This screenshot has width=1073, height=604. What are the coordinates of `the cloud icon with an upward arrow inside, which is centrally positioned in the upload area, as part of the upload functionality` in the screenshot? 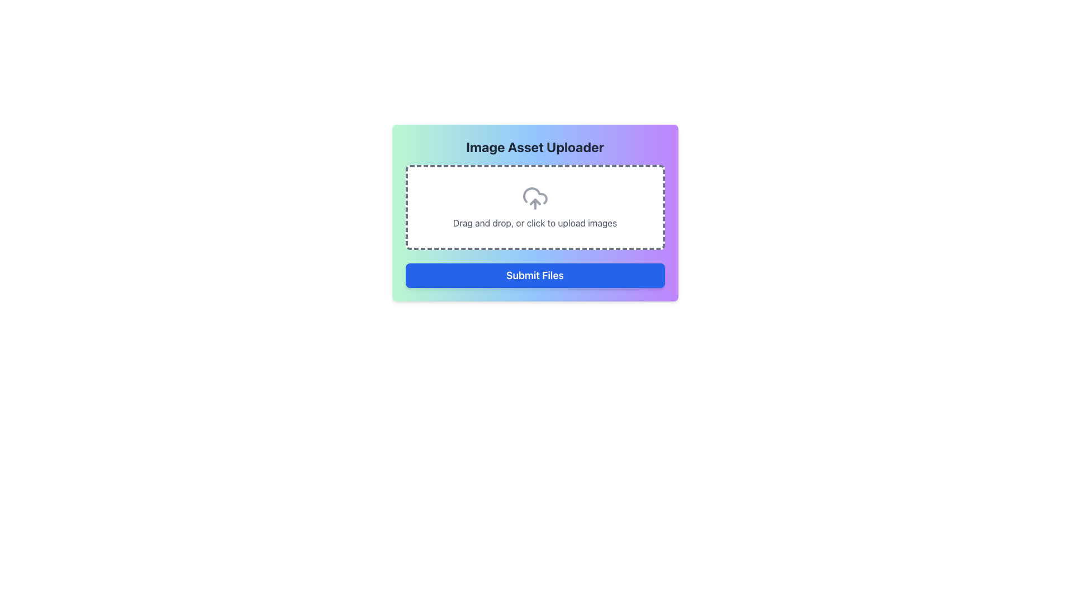 It's located at (534, 197).